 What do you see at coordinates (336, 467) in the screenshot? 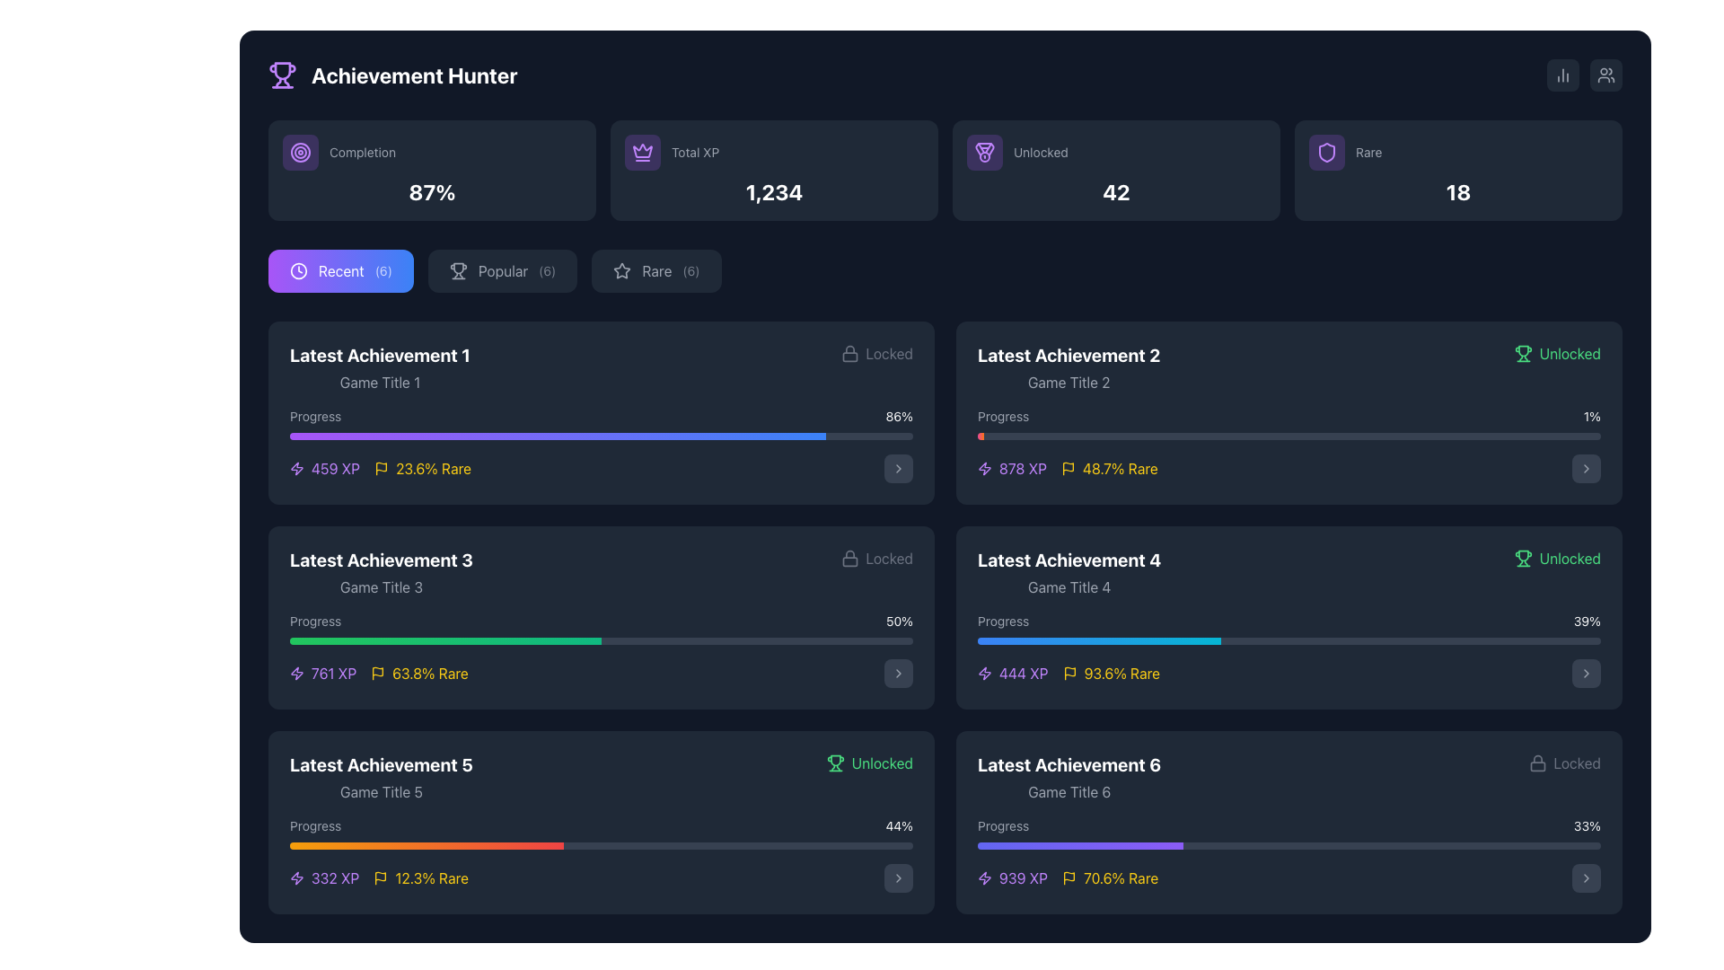
I see `the text label displaying '459 XP' which is styled in vibrant purple color, located next to the lightning bolt icon in the 'Latest Achievement 1' panel beneath the progress bar` at bounding box center [336, 467].